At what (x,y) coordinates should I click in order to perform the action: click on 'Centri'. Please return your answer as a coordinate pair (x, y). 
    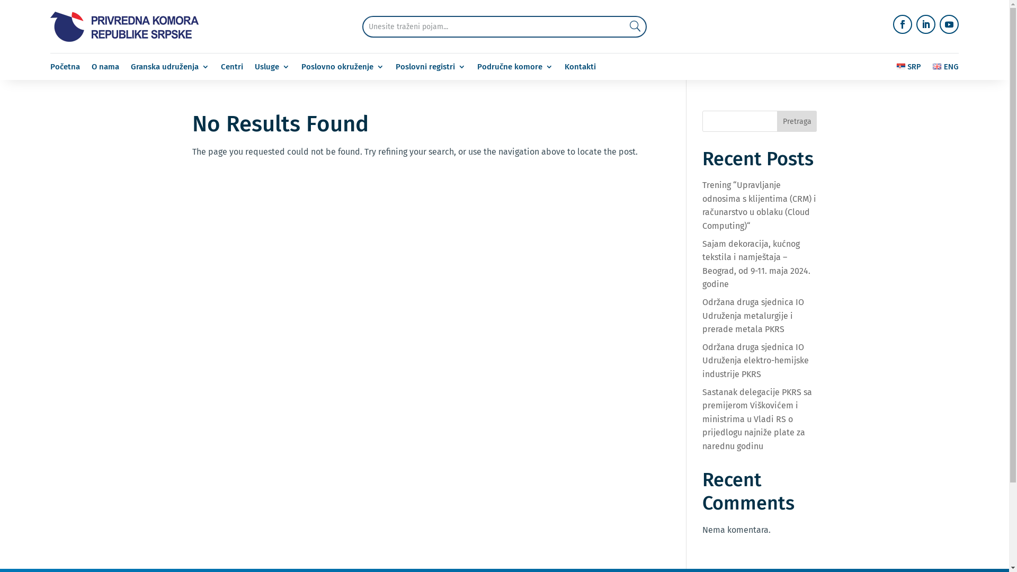
    Looking at the image, I should click on (231, 69).